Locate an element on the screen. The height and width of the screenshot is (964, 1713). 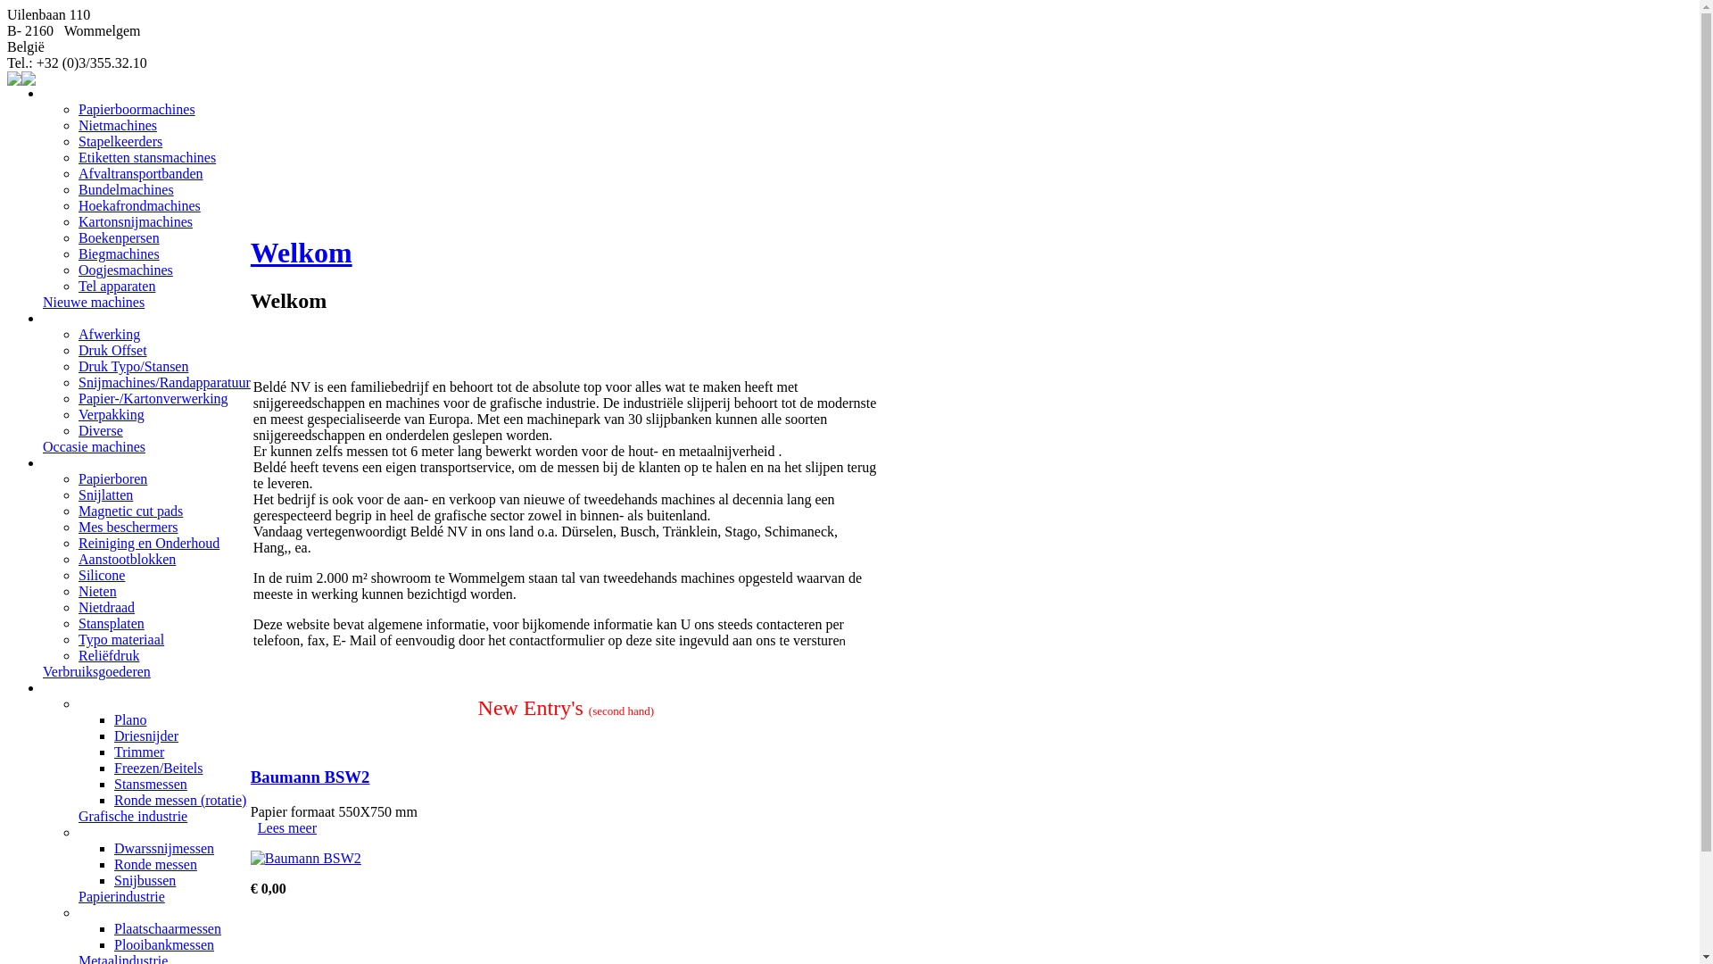
'Typo materiaal' is located at coordinates (120, 638).